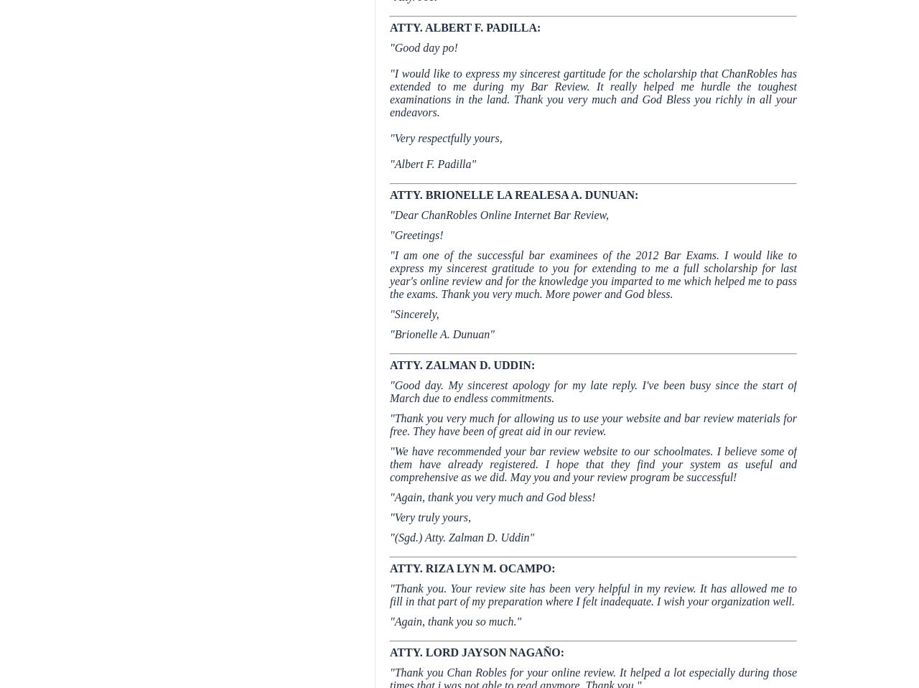 Image resolution: width=919 pixels, height=688 pixels. I want to click on '"Thank you. Your review site has been very helpful in my review. It has allowed me to fill in that part of my preparation where I felt inadequate. I wish your organization well.', so click(593, 594).